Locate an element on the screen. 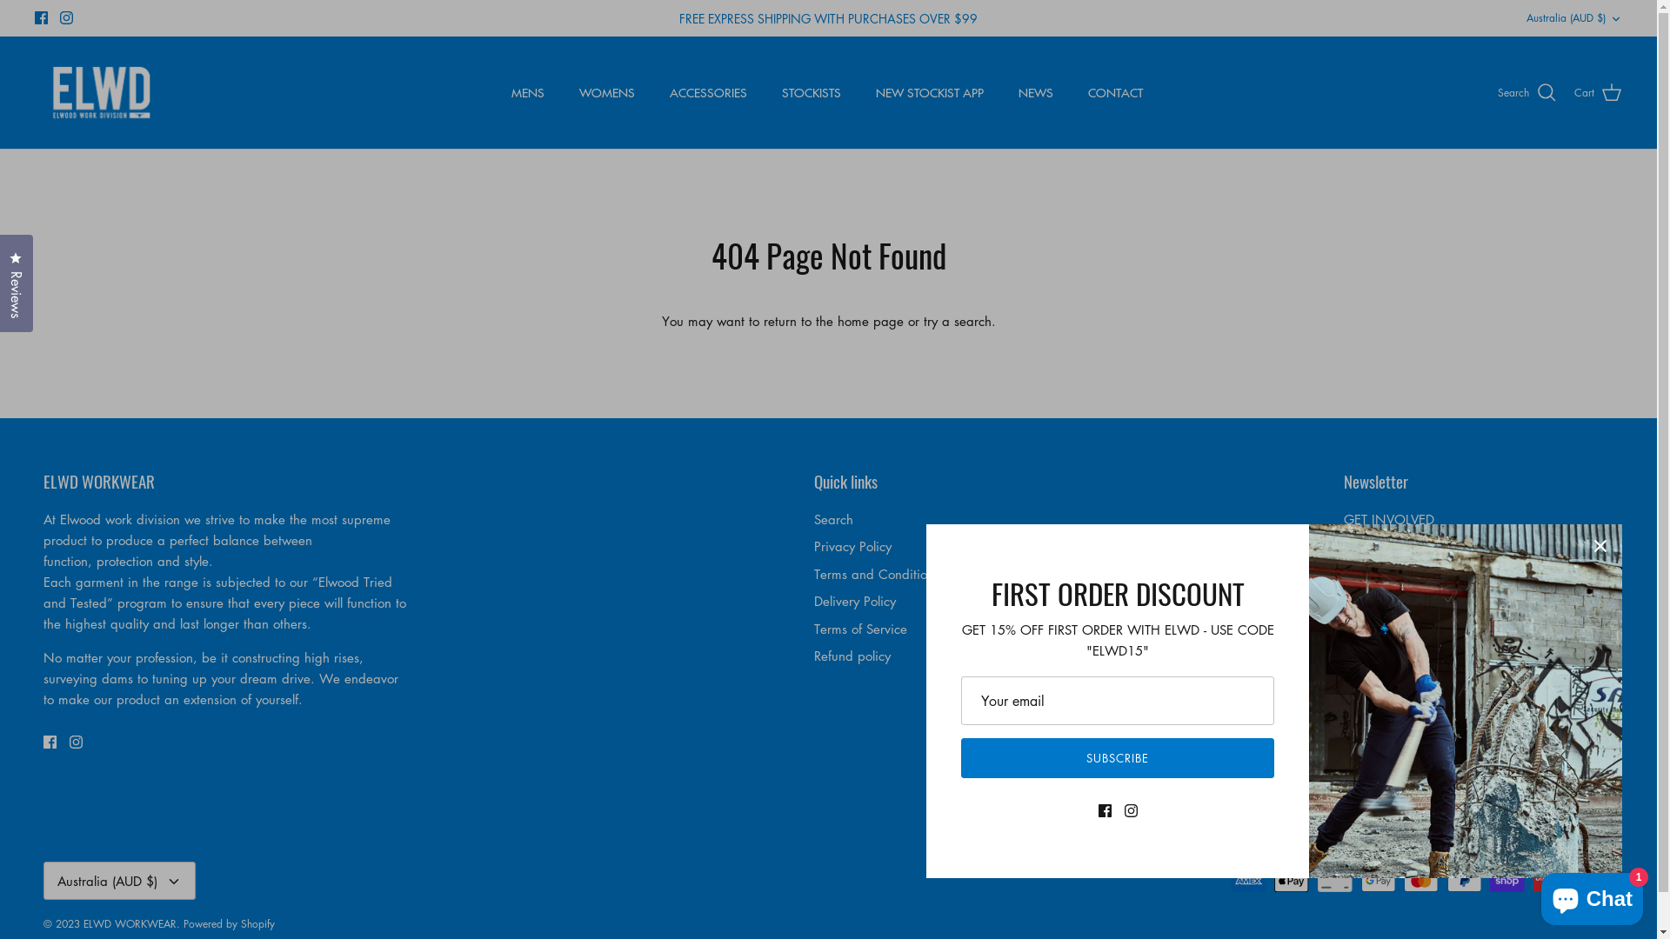  'NEWS' is located at coordinates (1035, 92).